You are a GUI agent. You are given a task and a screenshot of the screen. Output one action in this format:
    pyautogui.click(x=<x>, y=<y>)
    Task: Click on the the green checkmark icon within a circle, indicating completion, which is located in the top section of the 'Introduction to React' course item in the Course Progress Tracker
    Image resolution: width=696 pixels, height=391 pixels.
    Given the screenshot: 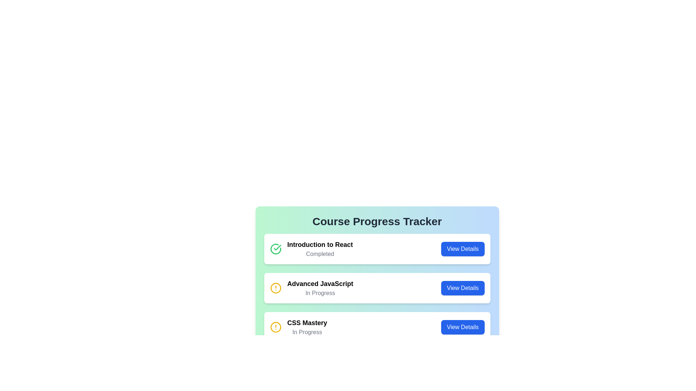 What is the action you would take?
    pyautogui.click(x=277, y=247)
    